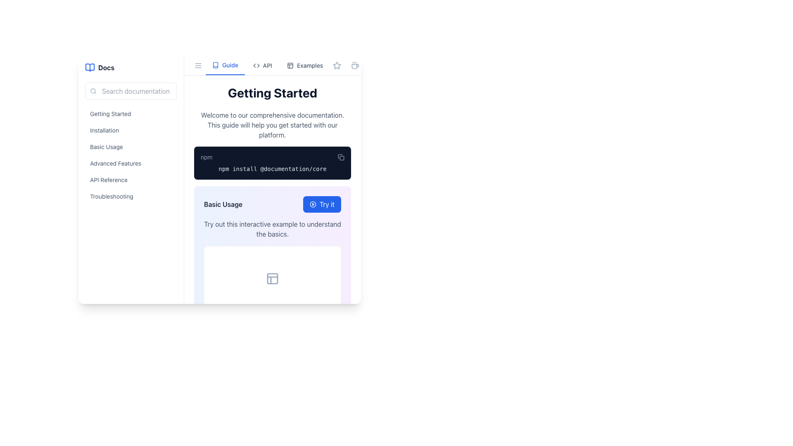 This screenshot has width=793, height=446. What do you see at coordinates (131, 179) in the screenshot?
I see `the navigational button in the sidebar menu that redirects to the API Reference section, which is the fifth item in the list, positioned below 'Advanced Features' and above 'Troubleshooting'` at bounding box center [131, 179].